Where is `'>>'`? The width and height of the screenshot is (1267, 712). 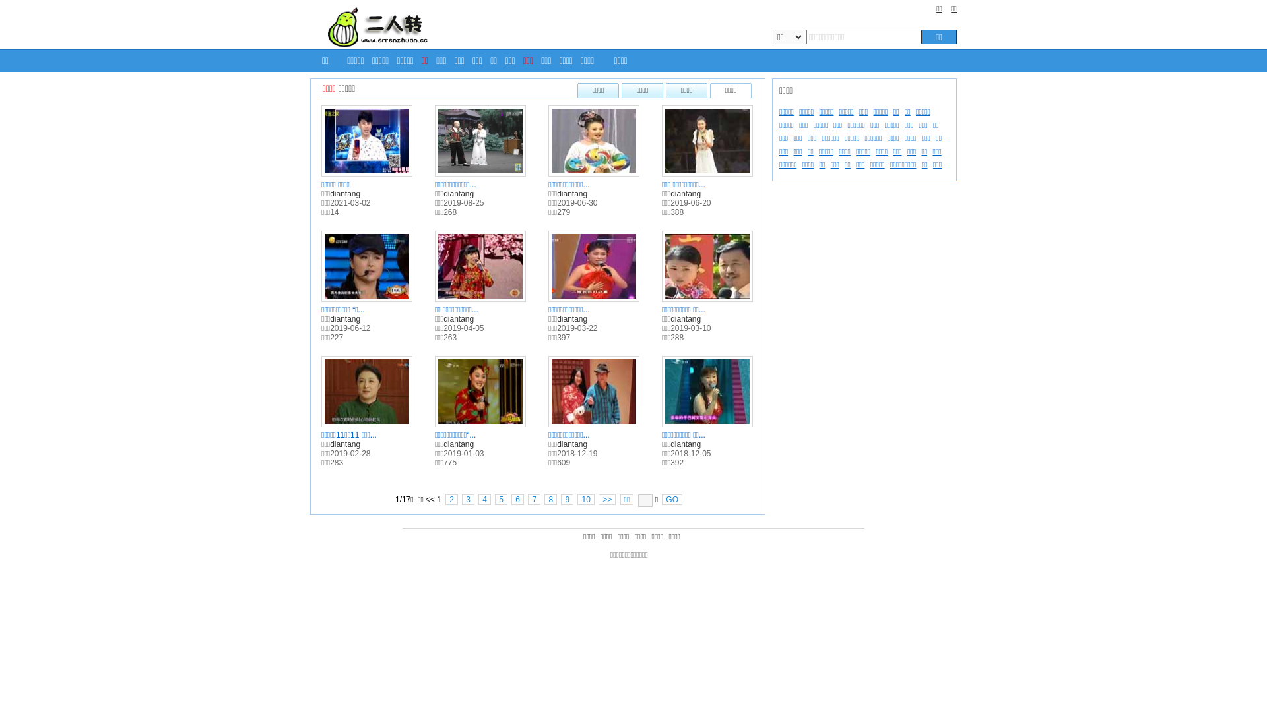
'>>' is located at coordinates (606, 500).